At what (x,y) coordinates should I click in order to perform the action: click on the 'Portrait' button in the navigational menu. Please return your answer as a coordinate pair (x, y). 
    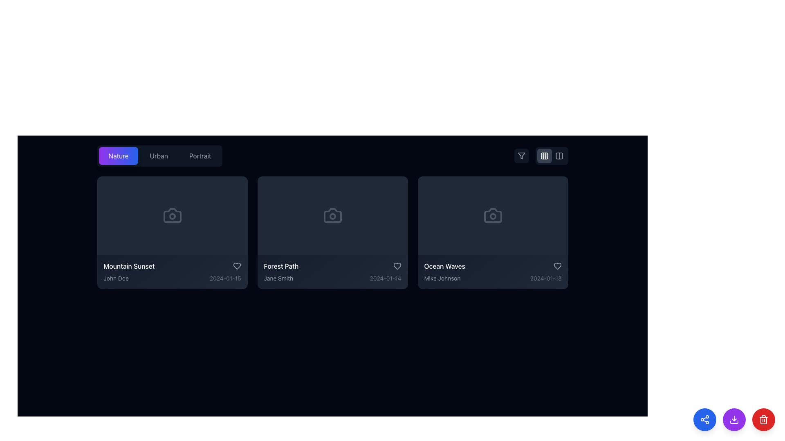
    Looking at the image, I should click on (159, 156).